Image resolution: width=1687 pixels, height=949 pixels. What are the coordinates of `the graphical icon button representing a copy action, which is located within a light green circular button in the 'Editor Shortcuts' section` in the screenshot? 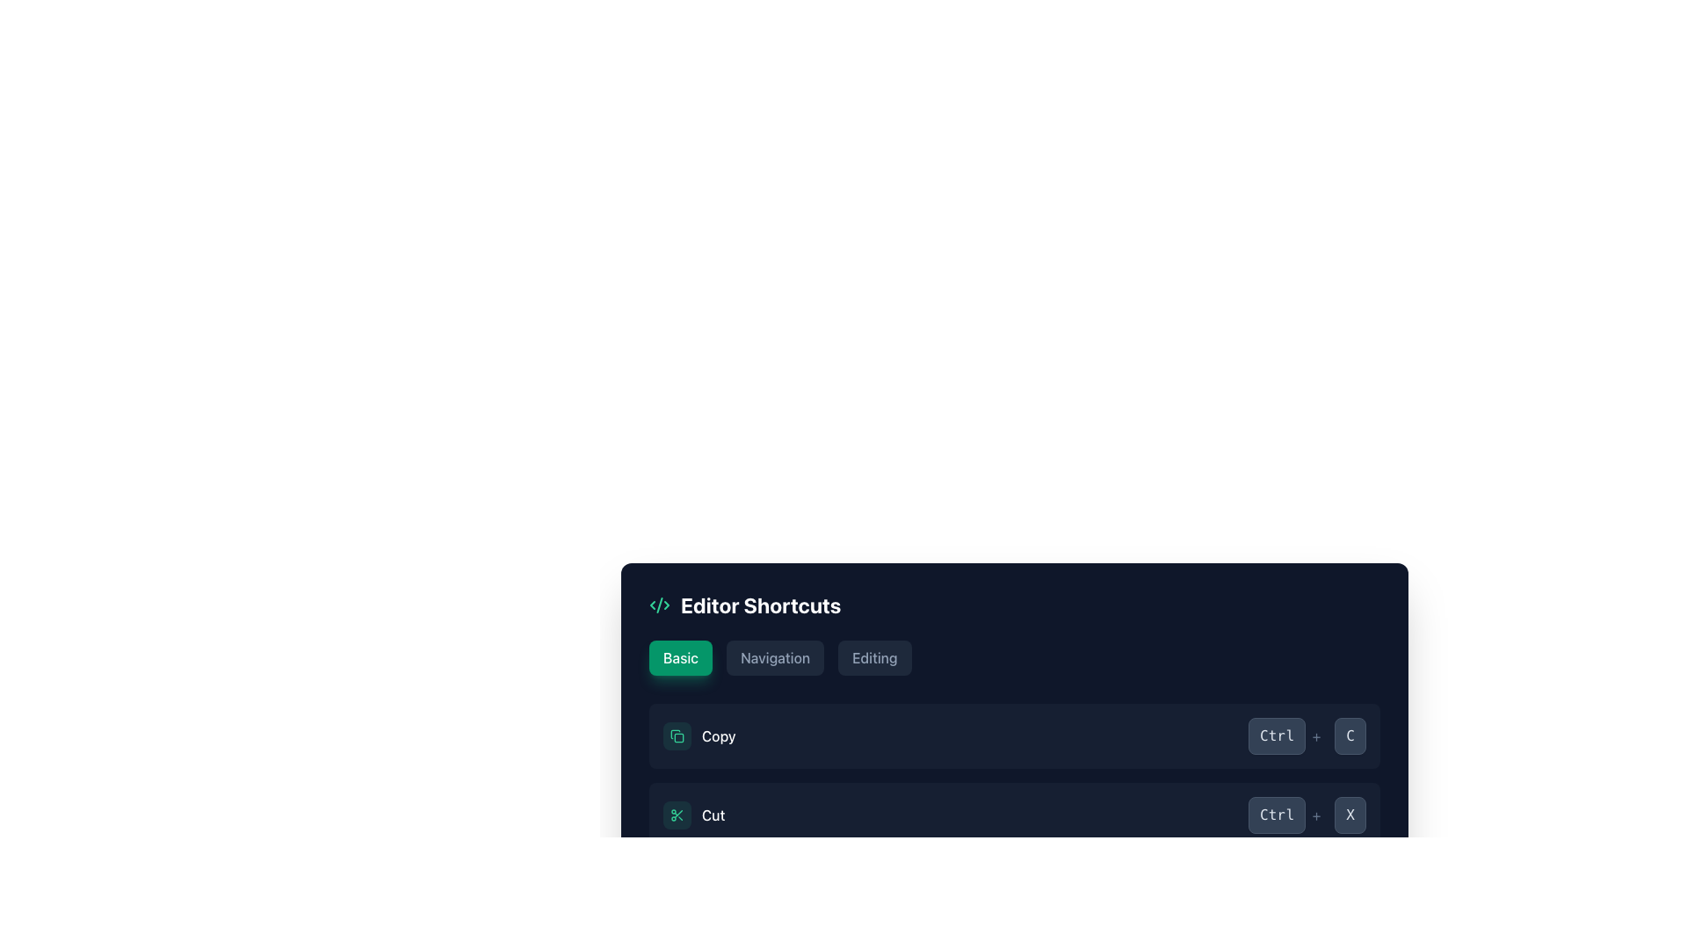 It's located at (677, 735).